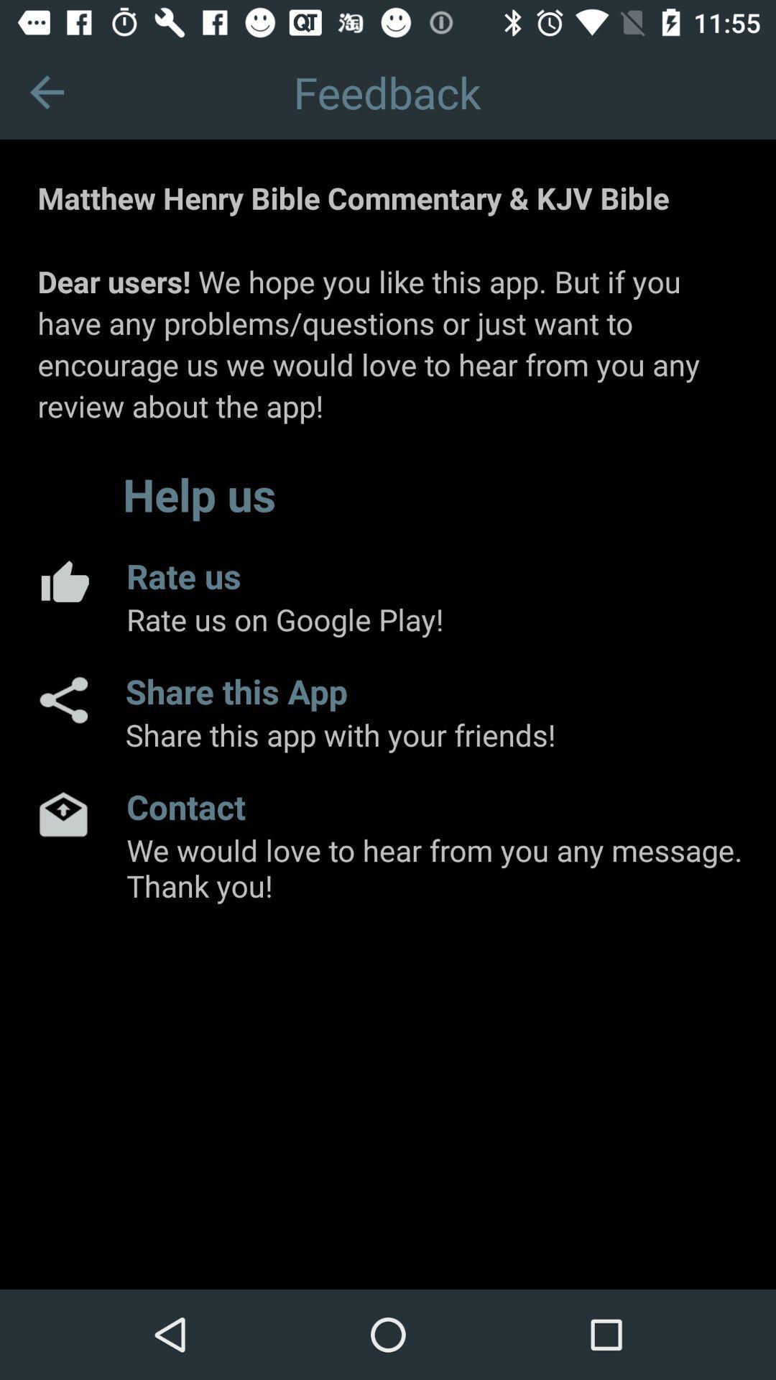  I want to click on rate the app, so click(63, 581).